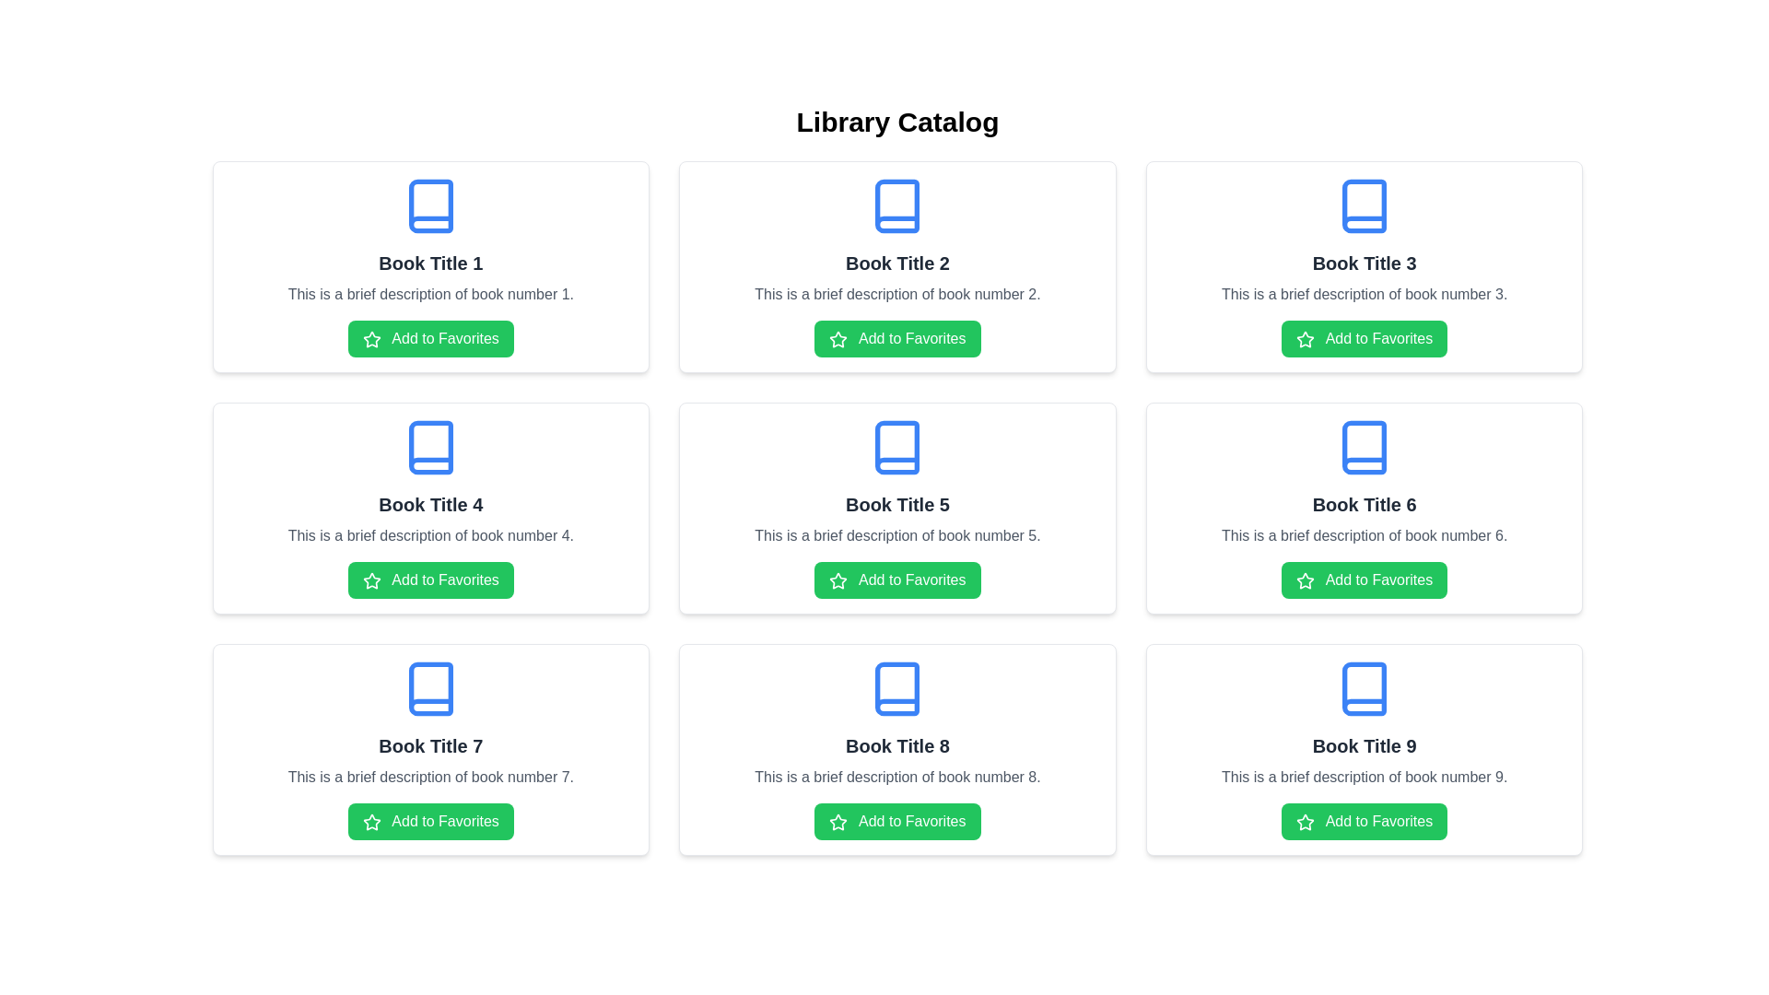 The image size is (1769, 995). Describe the element at coordinates (370, 821) in the screenshot. I see `the icon` at that location.